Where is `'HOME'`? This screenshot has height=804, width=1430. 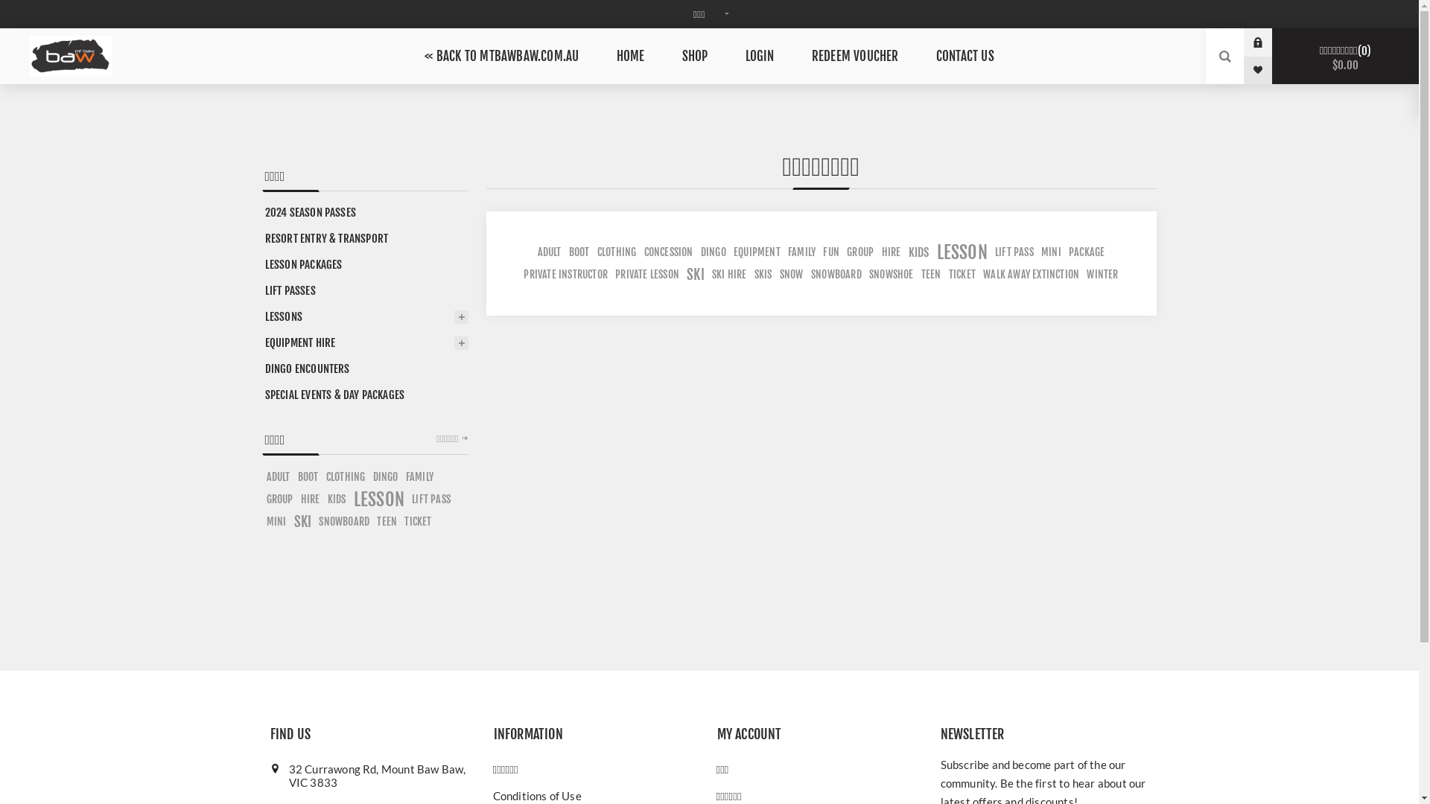 'HOME' is located at coordinates (630, 55).